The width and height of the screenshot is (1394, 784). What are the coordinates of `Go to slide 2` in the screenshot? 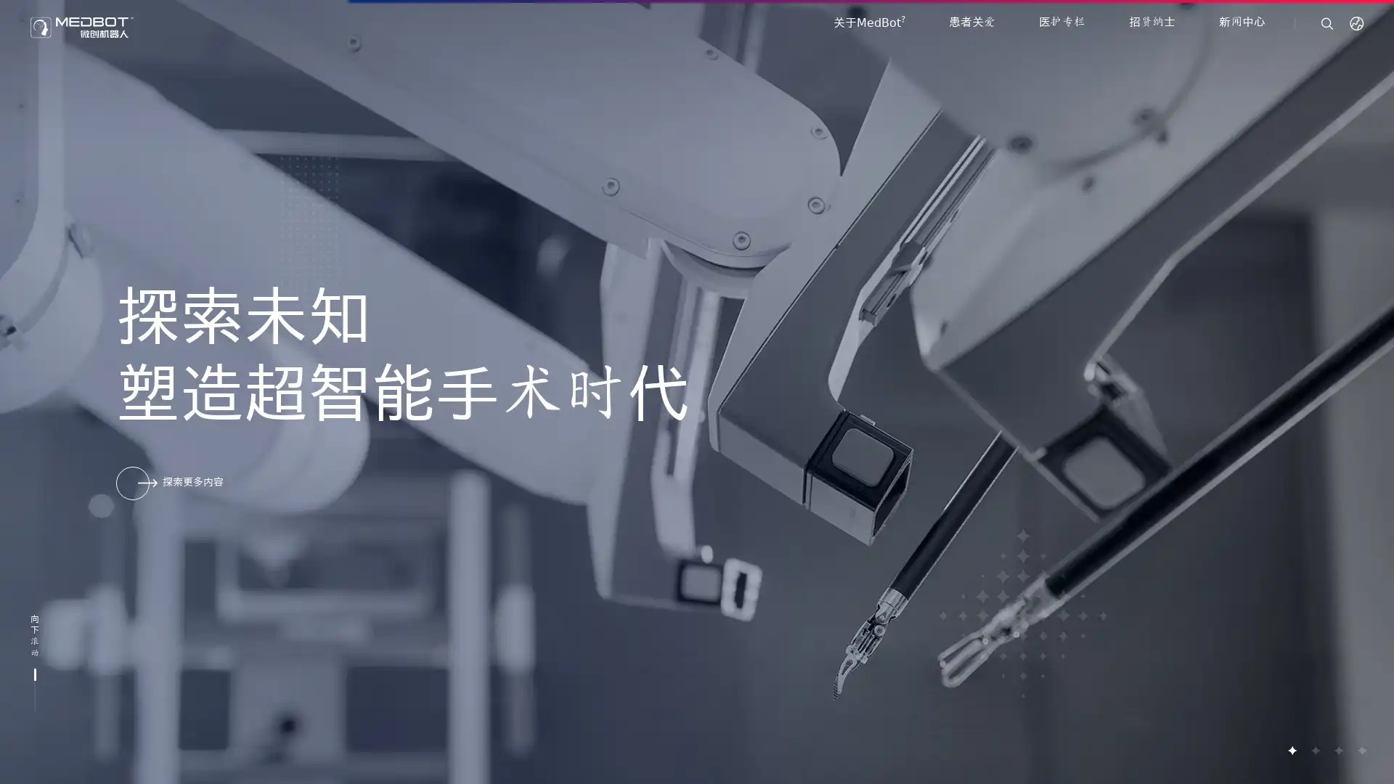 It's located at (1314, 750).